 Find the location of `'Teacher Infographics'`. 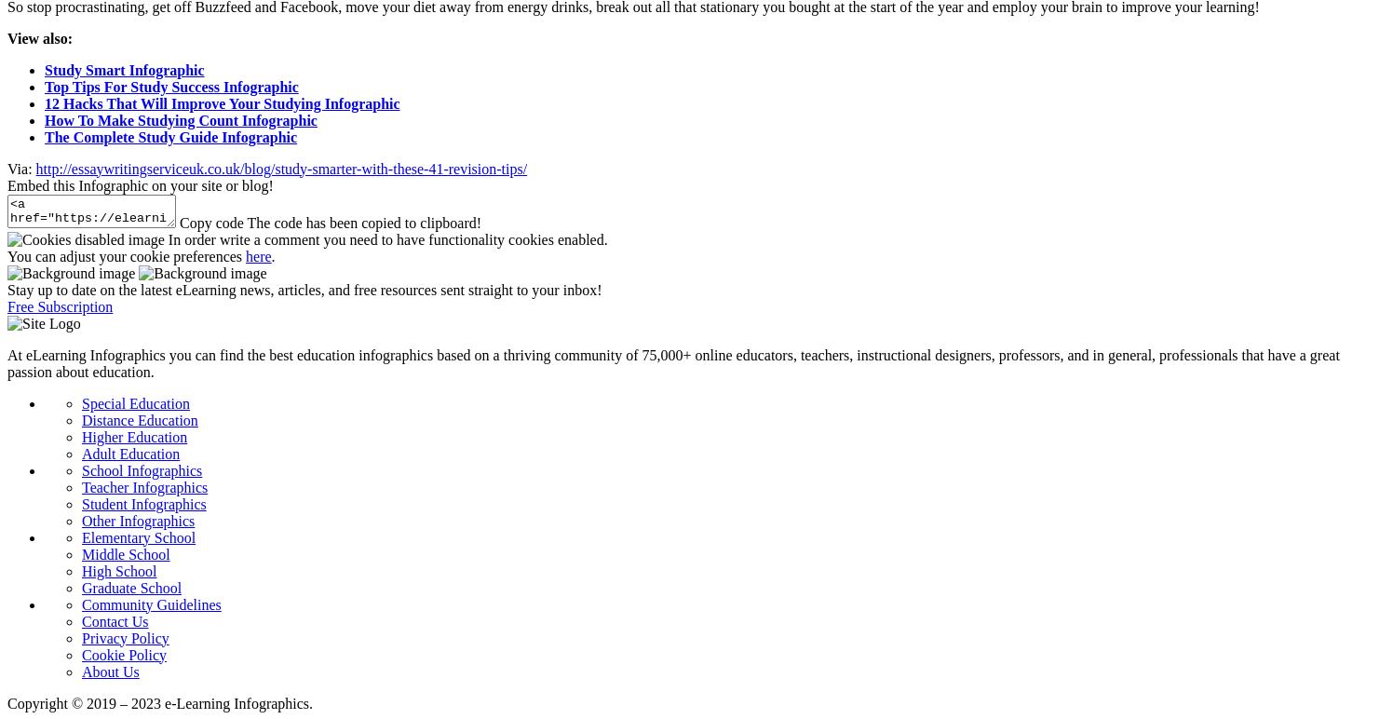

'Teacher Infographics' is located at coordinates (143, 486).